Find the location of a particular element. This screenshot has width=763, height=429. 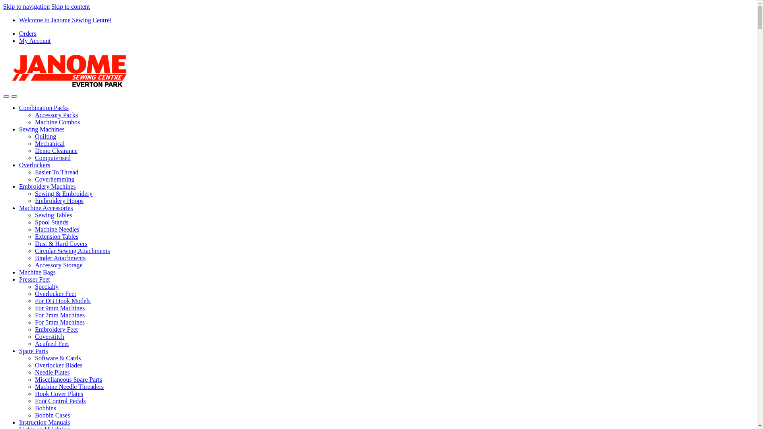

'Sewing Machines' is located at coordinates (41, 129).